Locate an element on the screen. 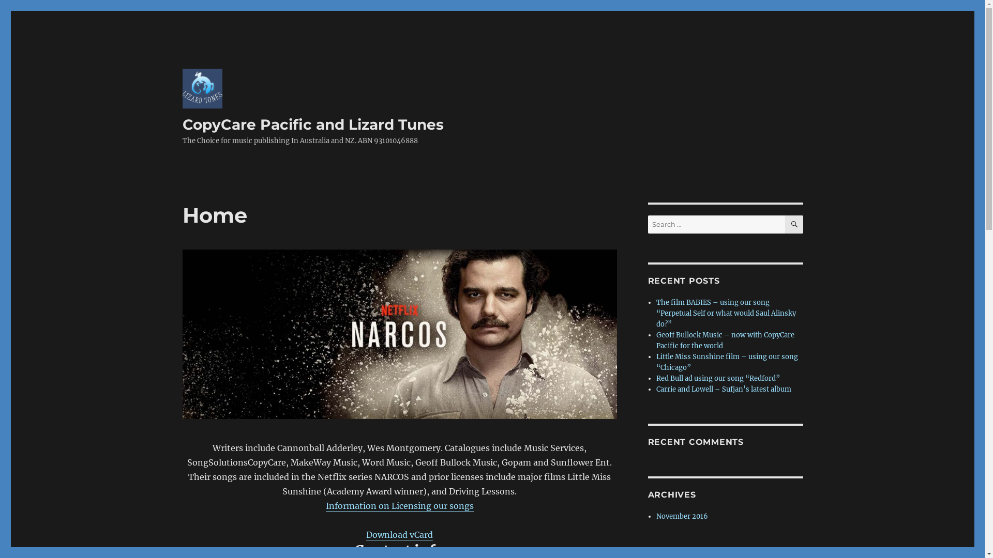 The image size is (993, 558). 'Information on Licensing our songs' is located at coordinates (399, 505).